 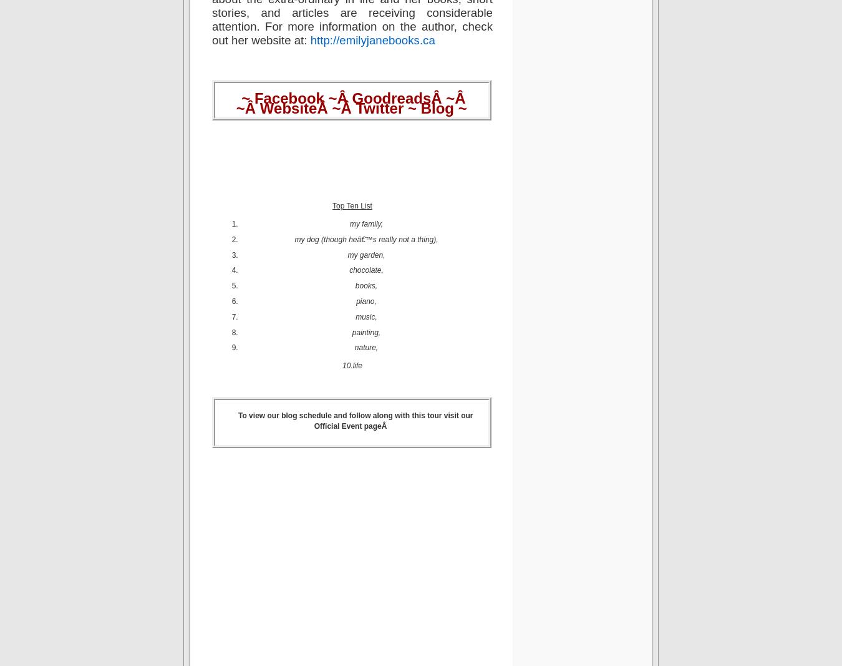 I want to click on 'Twitter', so click(x=355, y=107).